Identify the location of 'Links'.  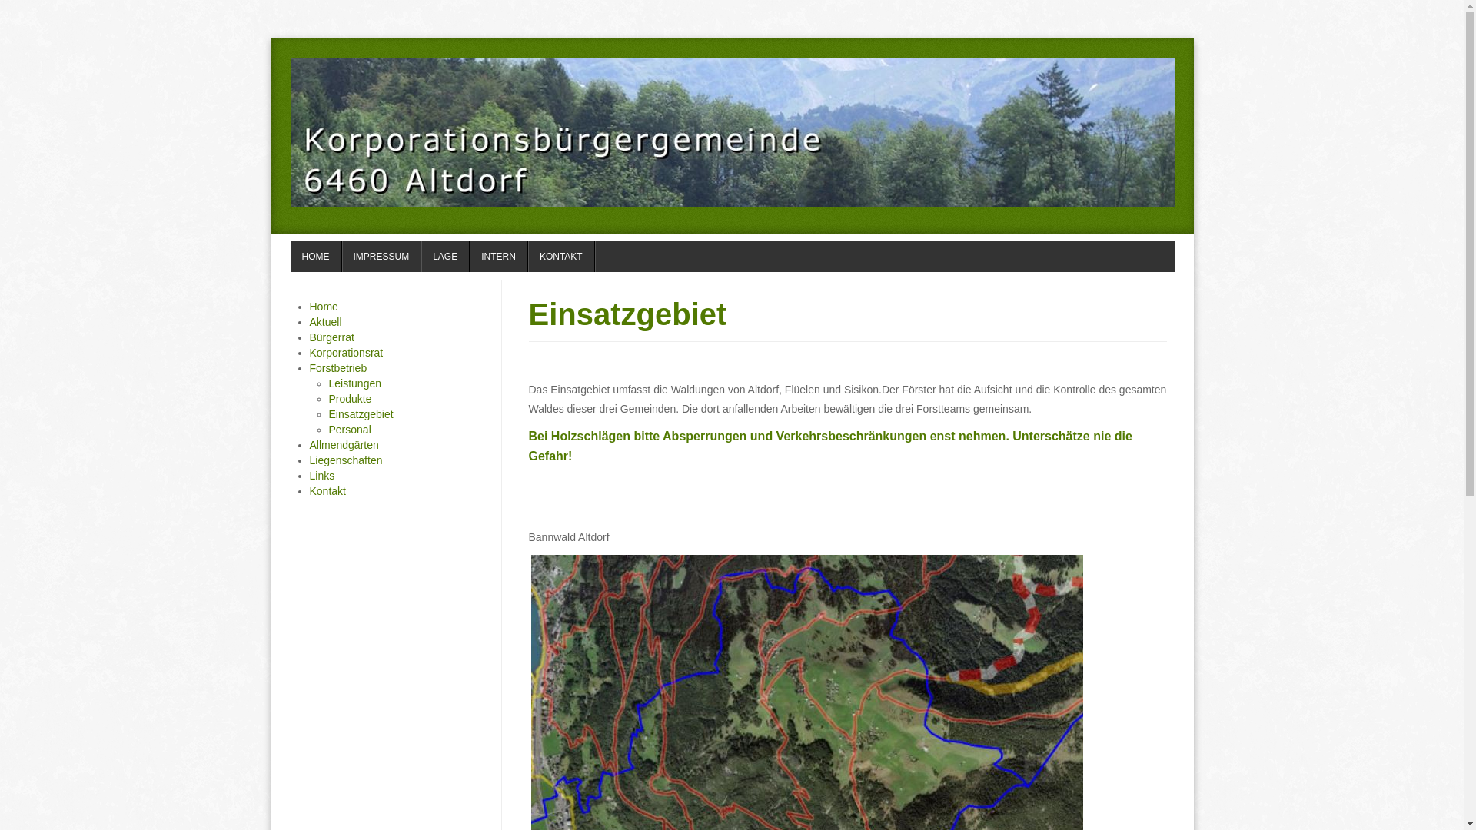
(321, 474).